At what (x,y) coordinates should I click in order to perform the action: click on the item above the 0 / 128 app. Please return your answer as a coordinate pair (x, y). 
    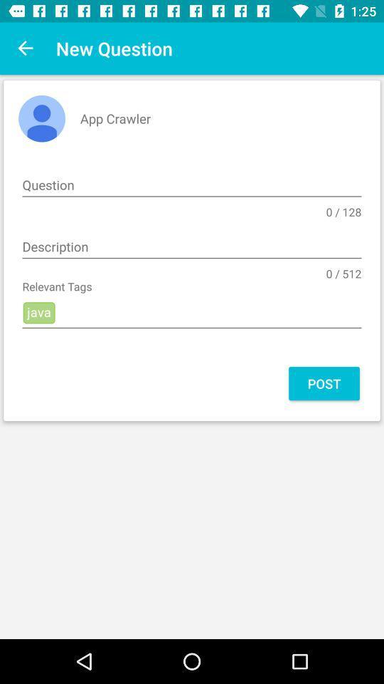
    Looking at the image, I should click on (192, 185).